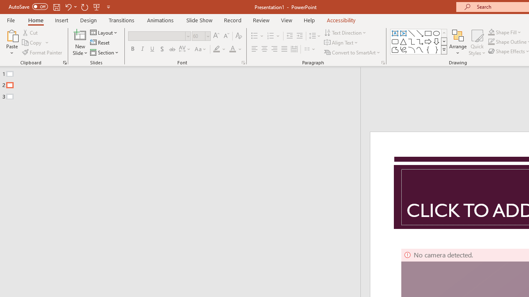 This screenshot has width=529, height=297. I want to click on 'Decrease Font Size', so click(226, 35).